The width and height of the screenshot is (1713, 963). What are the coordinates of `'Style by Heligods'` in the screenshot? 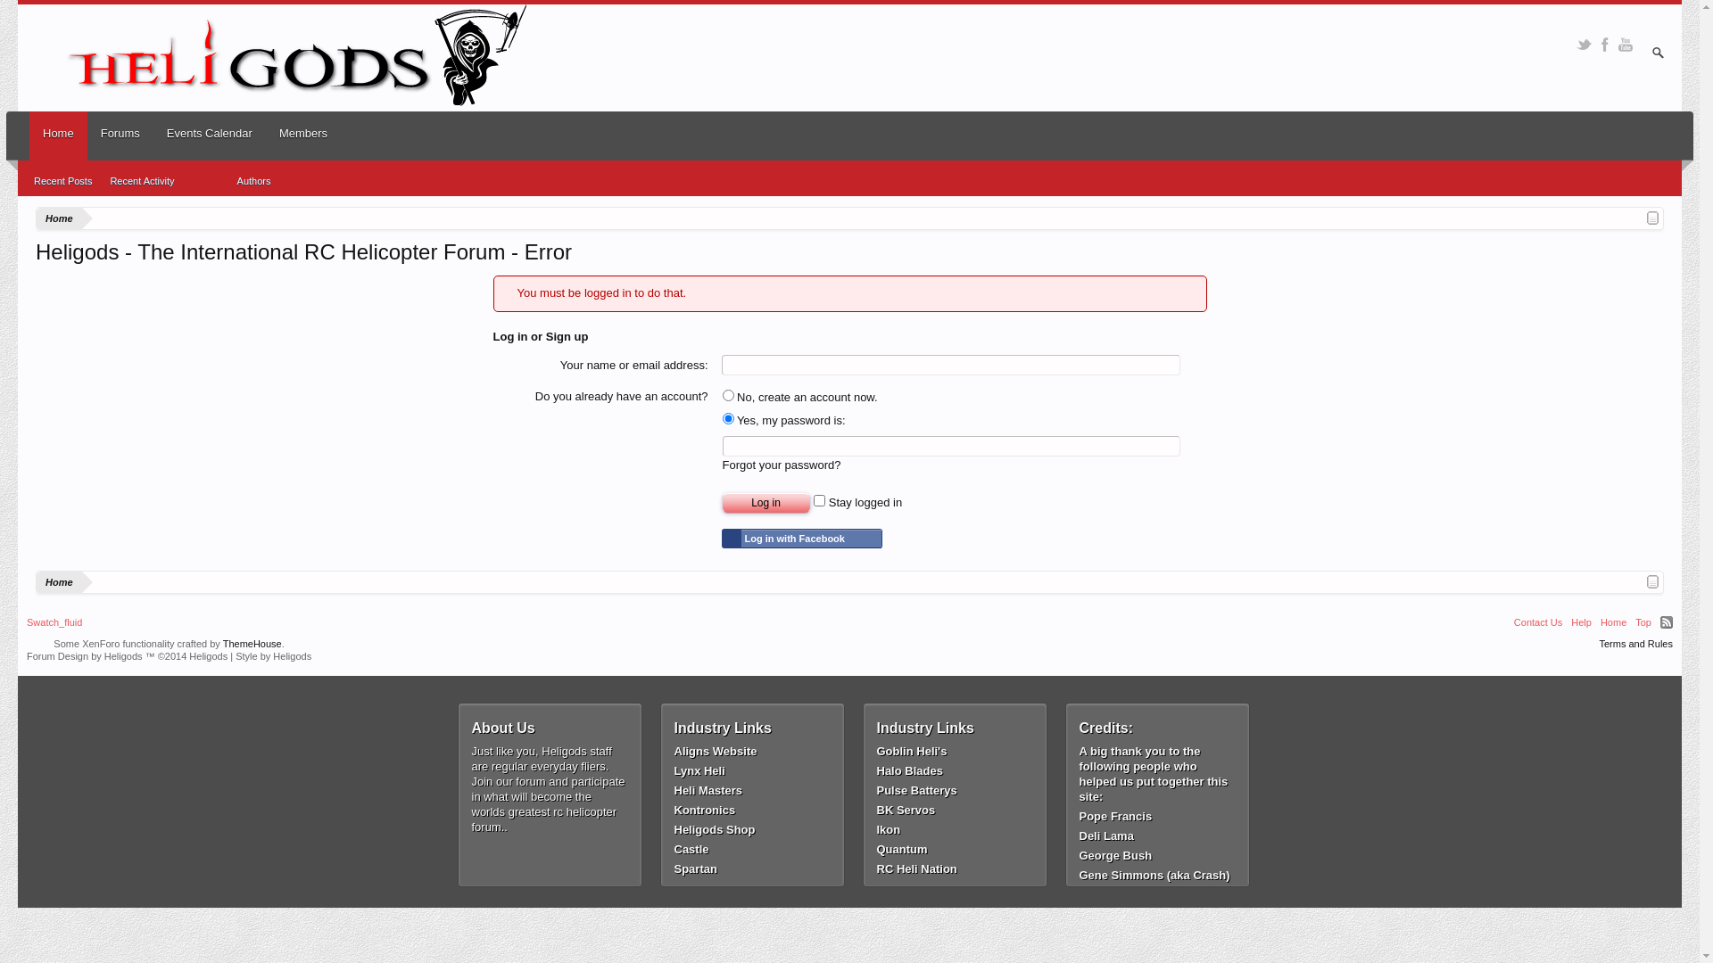 It's located at (235, 656).